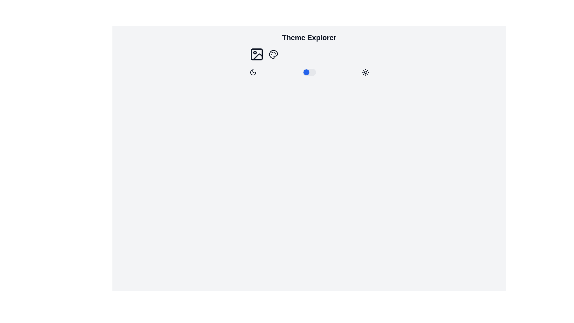 This screenshot has width=574, height=323. I want to click on the moon icon, which is a dark crescent shape representing night mode, so click(253, 72).